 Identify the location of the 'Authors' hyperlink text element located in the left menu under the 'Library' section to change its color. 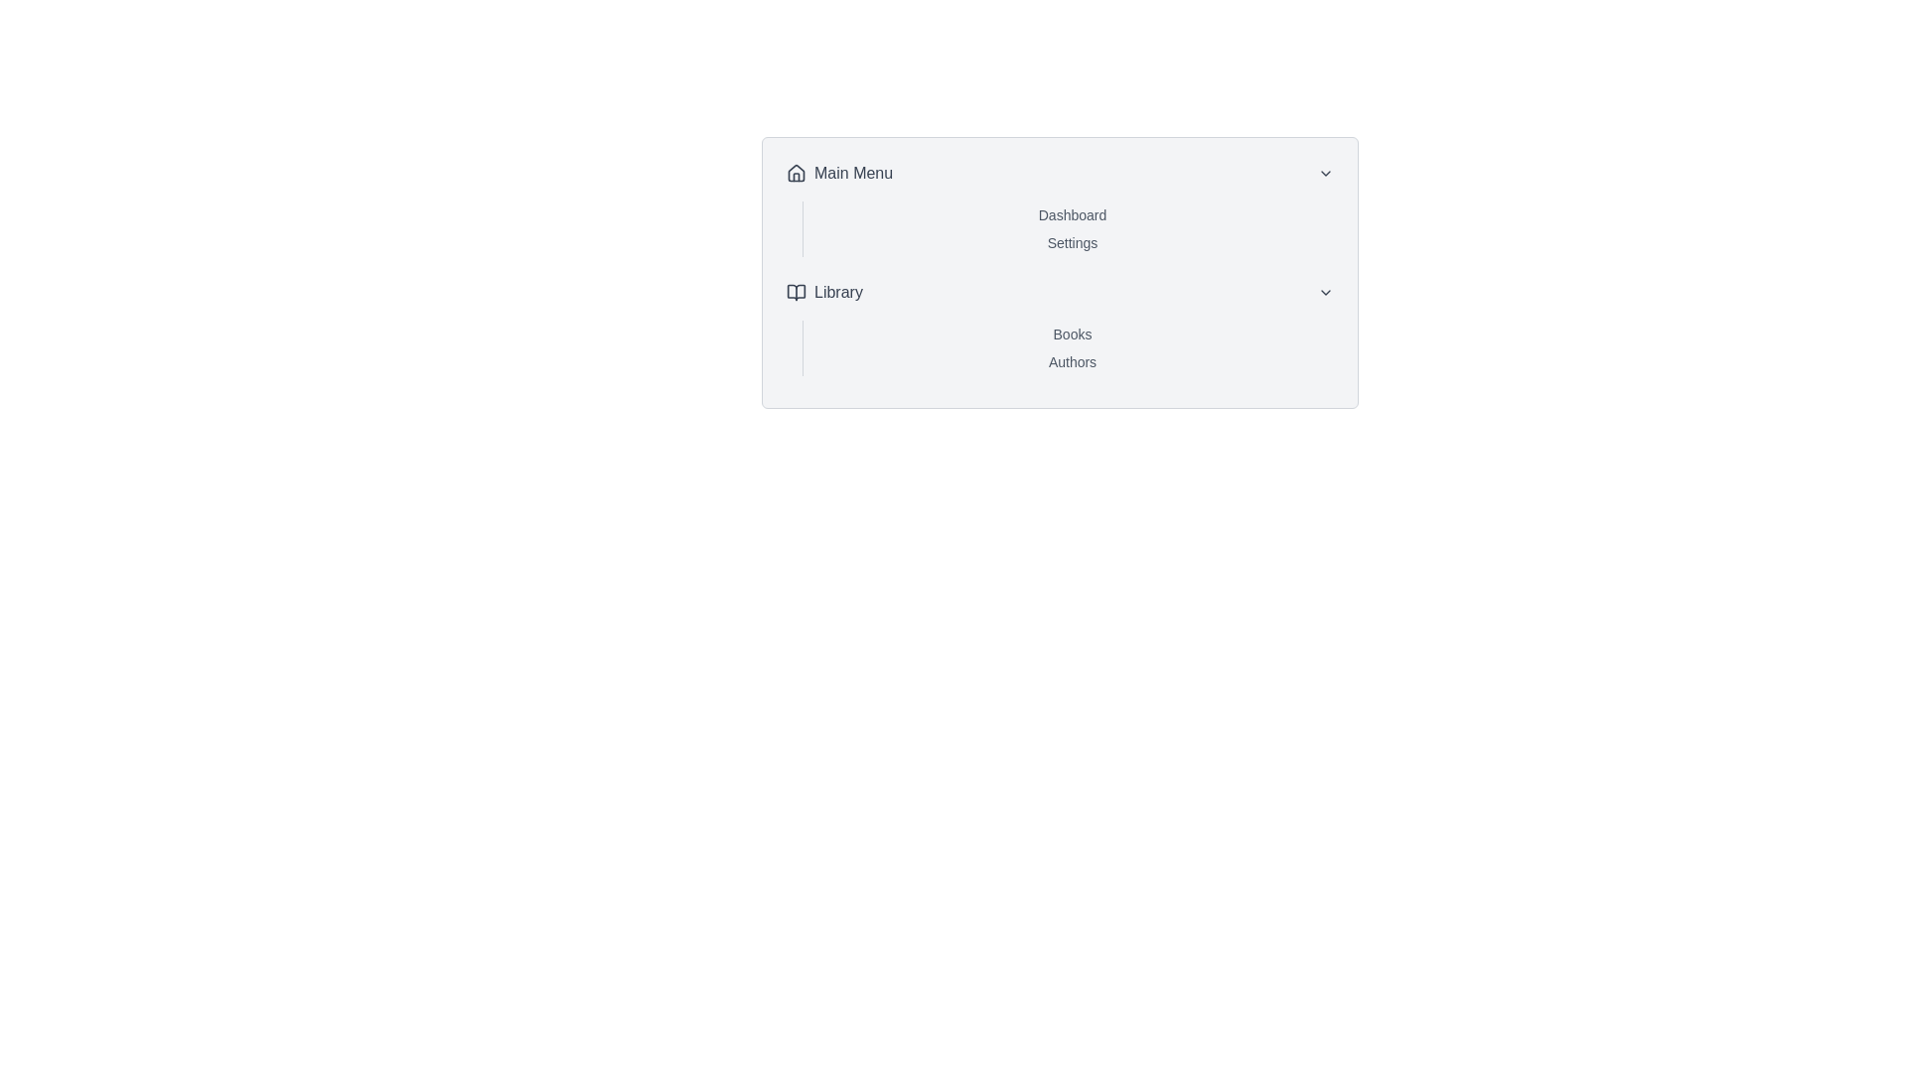
(1072, 362).